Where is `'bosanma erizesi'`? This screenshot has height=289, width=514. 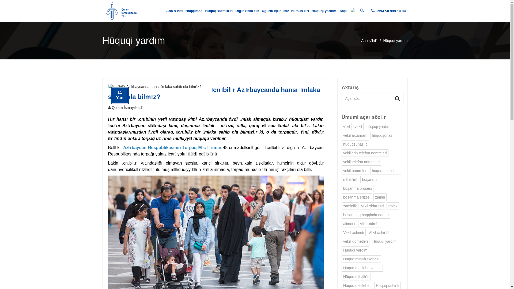 'bosanma erizesi' is located at coordinates (357, 197).